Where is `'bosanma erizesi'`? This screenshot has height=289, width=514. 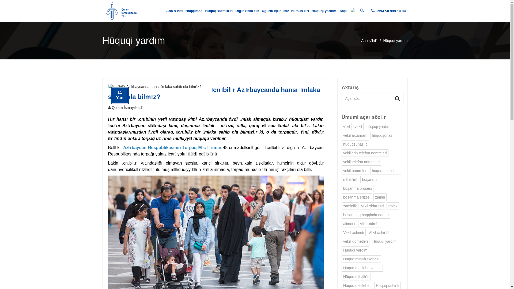 'bosanma erizesi' is located at coordinates (357, 197).